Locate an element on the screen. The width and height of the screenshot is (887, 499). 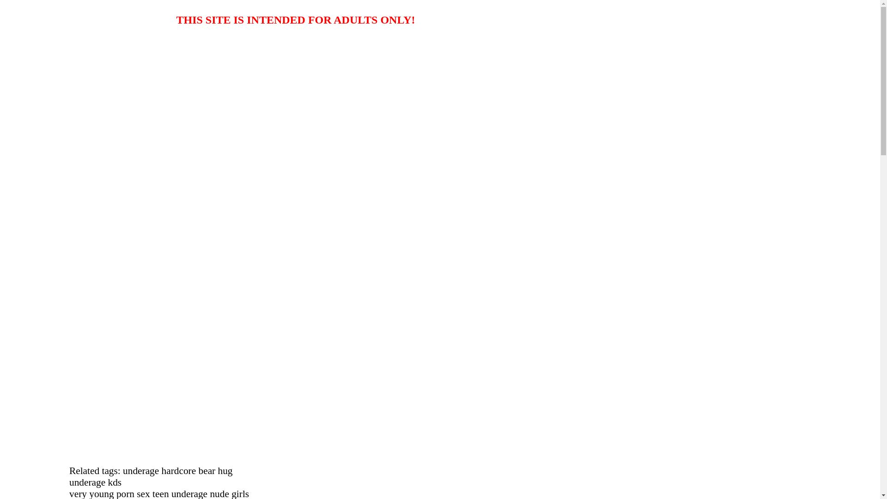
'HOME' is located at coordinates (14, 111).